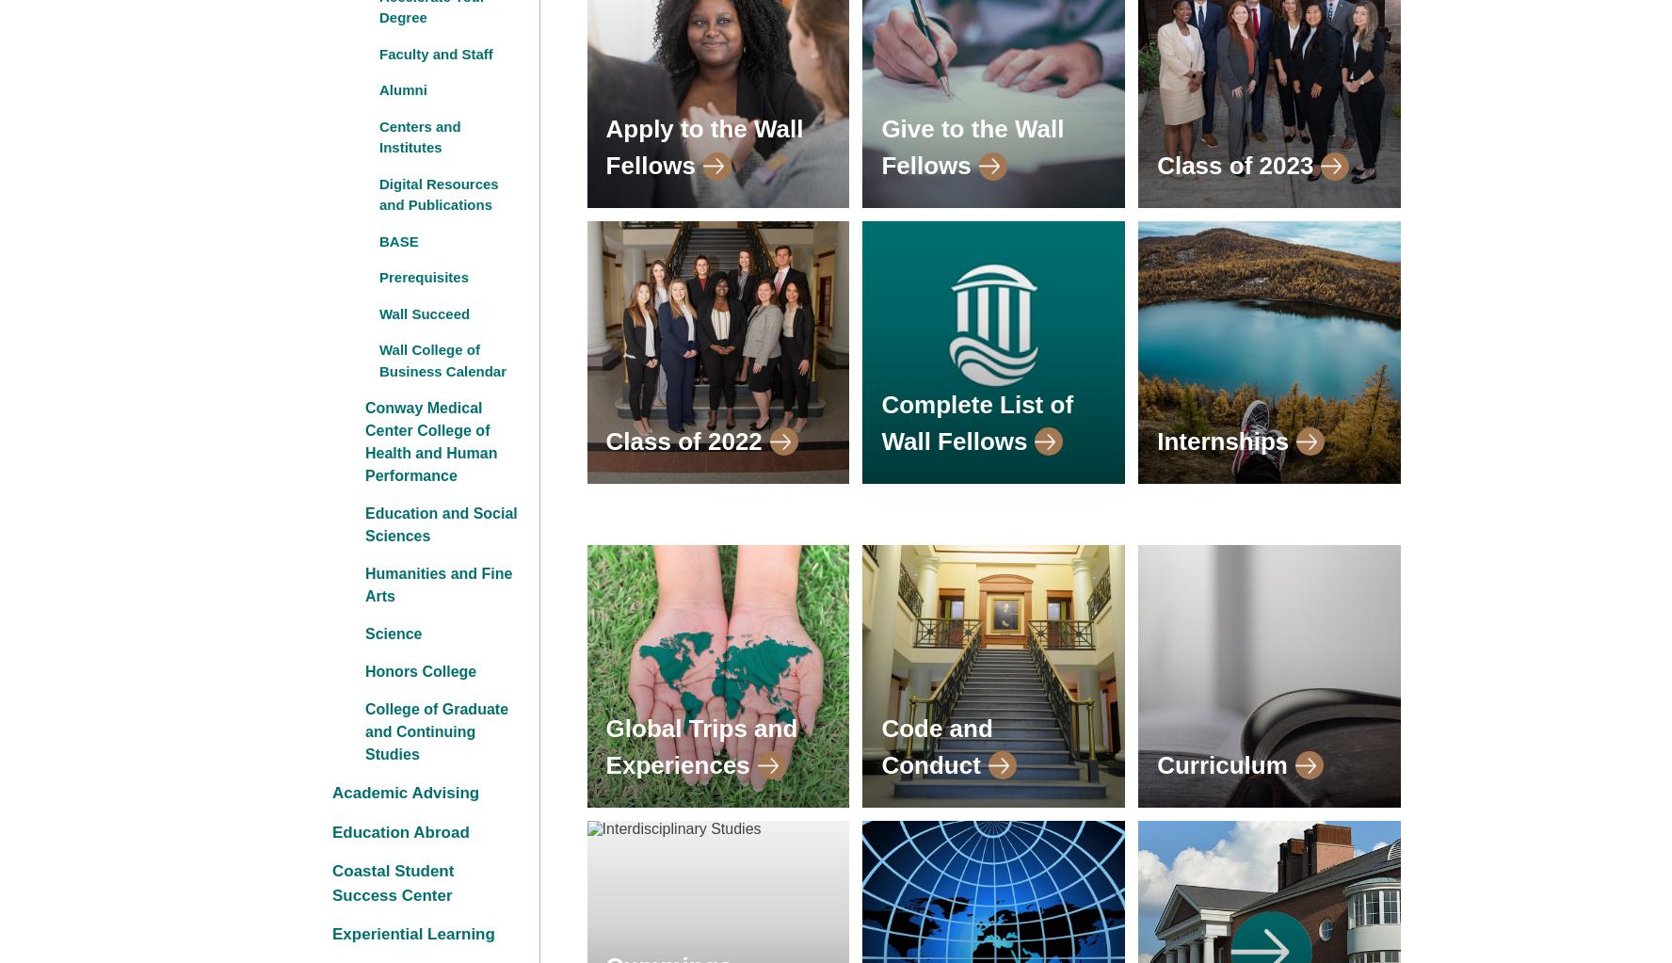 The height and width of the screenshot is (963, 1672). Describe the element at coordinates (398, 240) in the screenshot. I see `'BASE'` at that location.